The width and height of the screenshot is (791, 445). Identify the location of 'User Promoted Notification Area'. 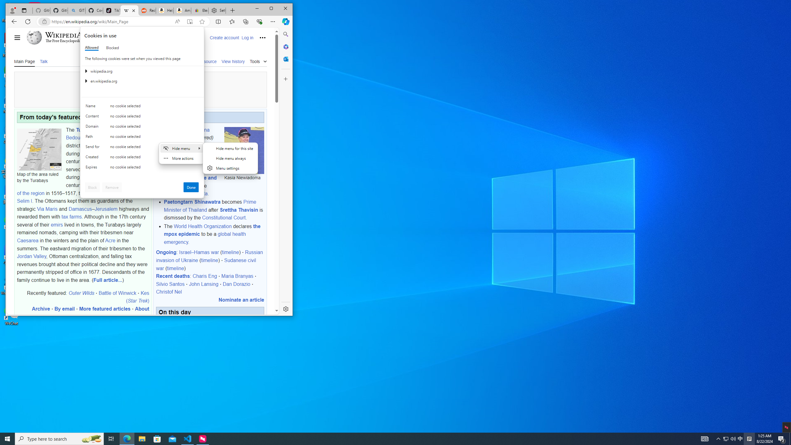
(729, 438).